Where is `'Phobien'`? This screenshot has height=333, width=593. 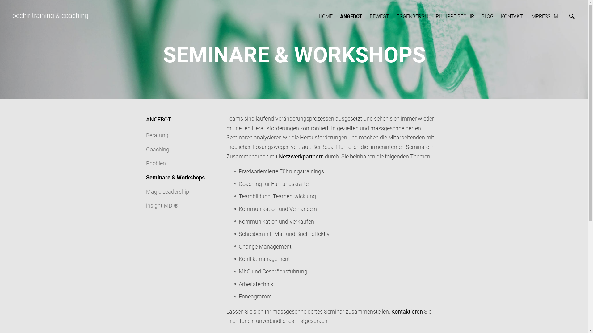
'Phobien' is located at coordinates (145, 163).